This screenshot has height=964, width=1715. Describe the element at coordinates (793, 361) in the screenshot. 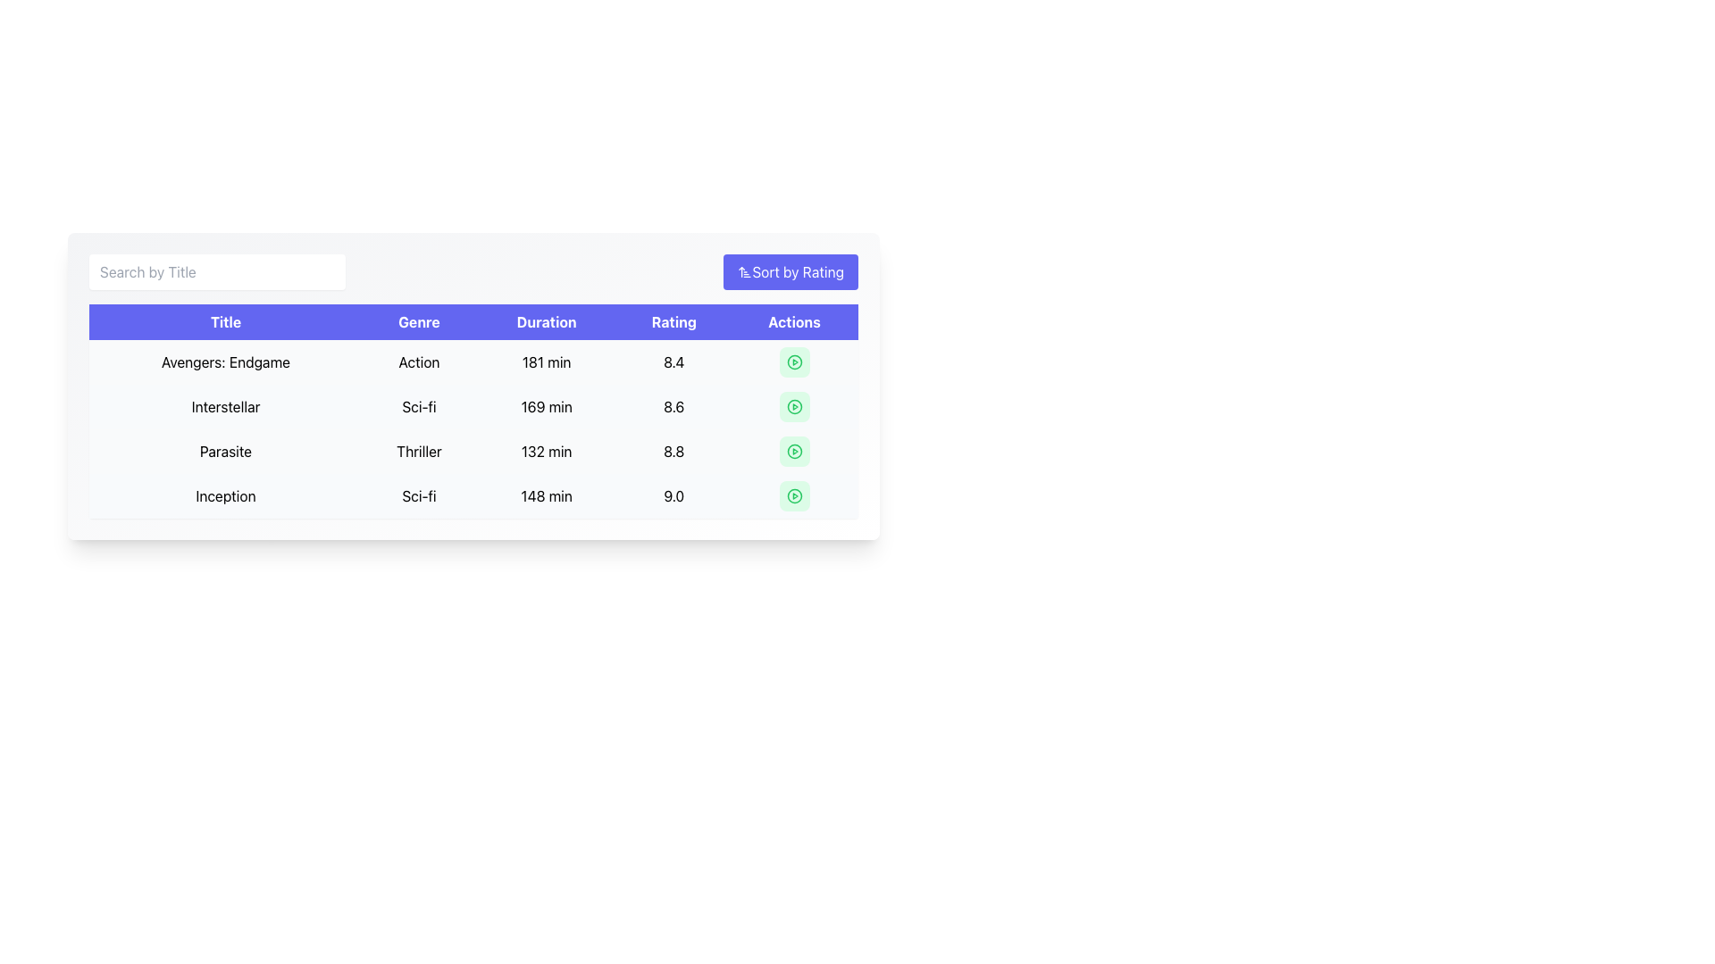

I see `the green circular icon button with a play symbol located in the 'Actions' column of the first row of the table` at that location.